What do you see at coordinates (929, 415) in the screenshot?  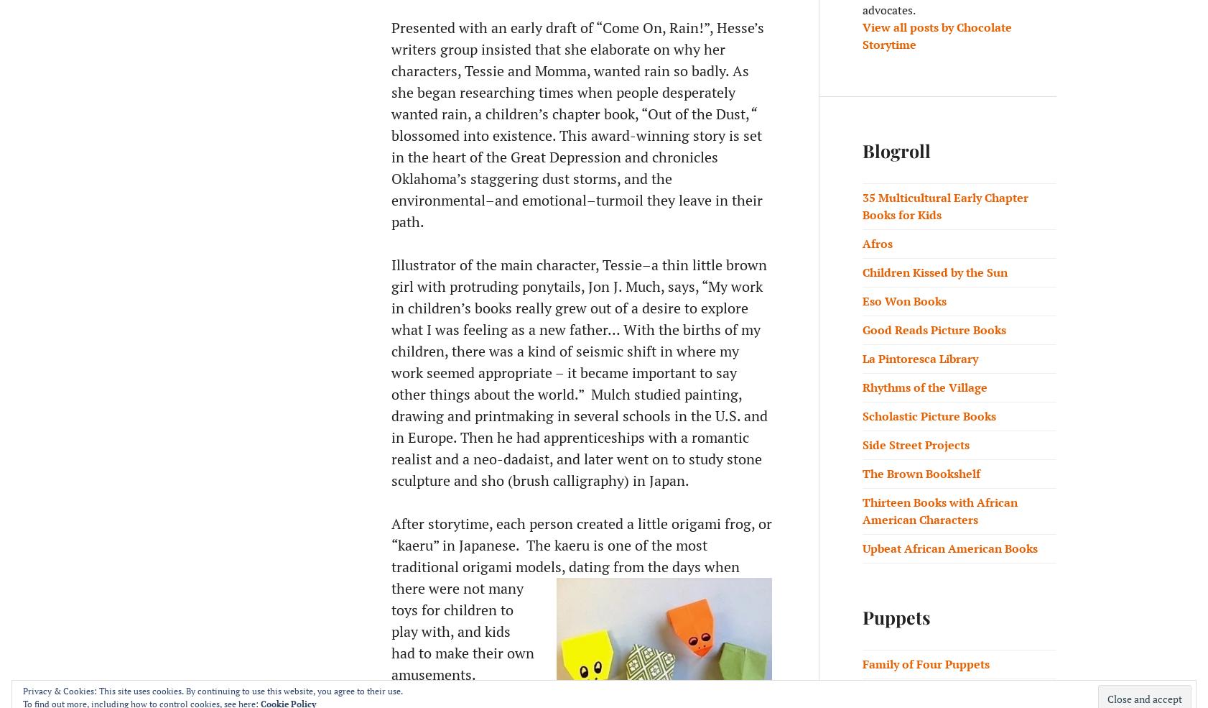 I see `'Scholastic Picture Books'` at bounding box center [929, 415].